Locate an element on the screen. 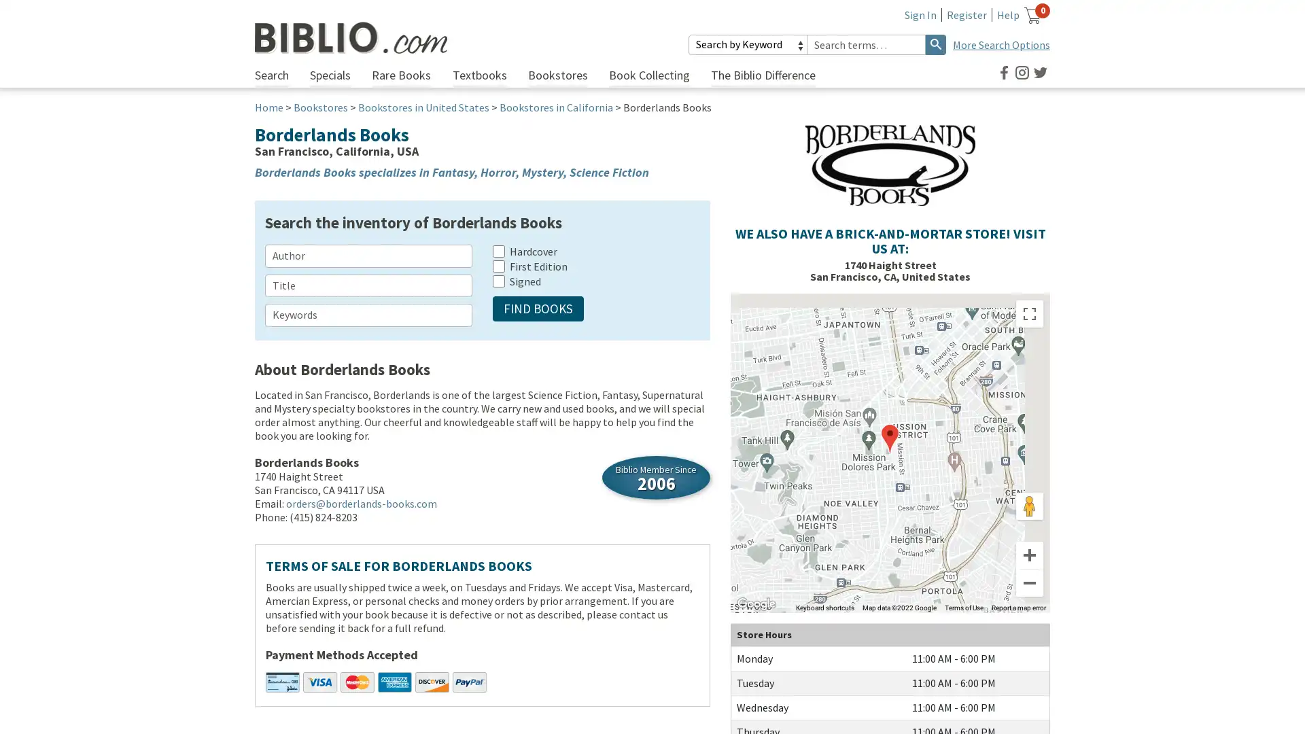 The height and width of the screenshot is (734, 1305). FIND BOOKS is located at coordinates (538, 309).